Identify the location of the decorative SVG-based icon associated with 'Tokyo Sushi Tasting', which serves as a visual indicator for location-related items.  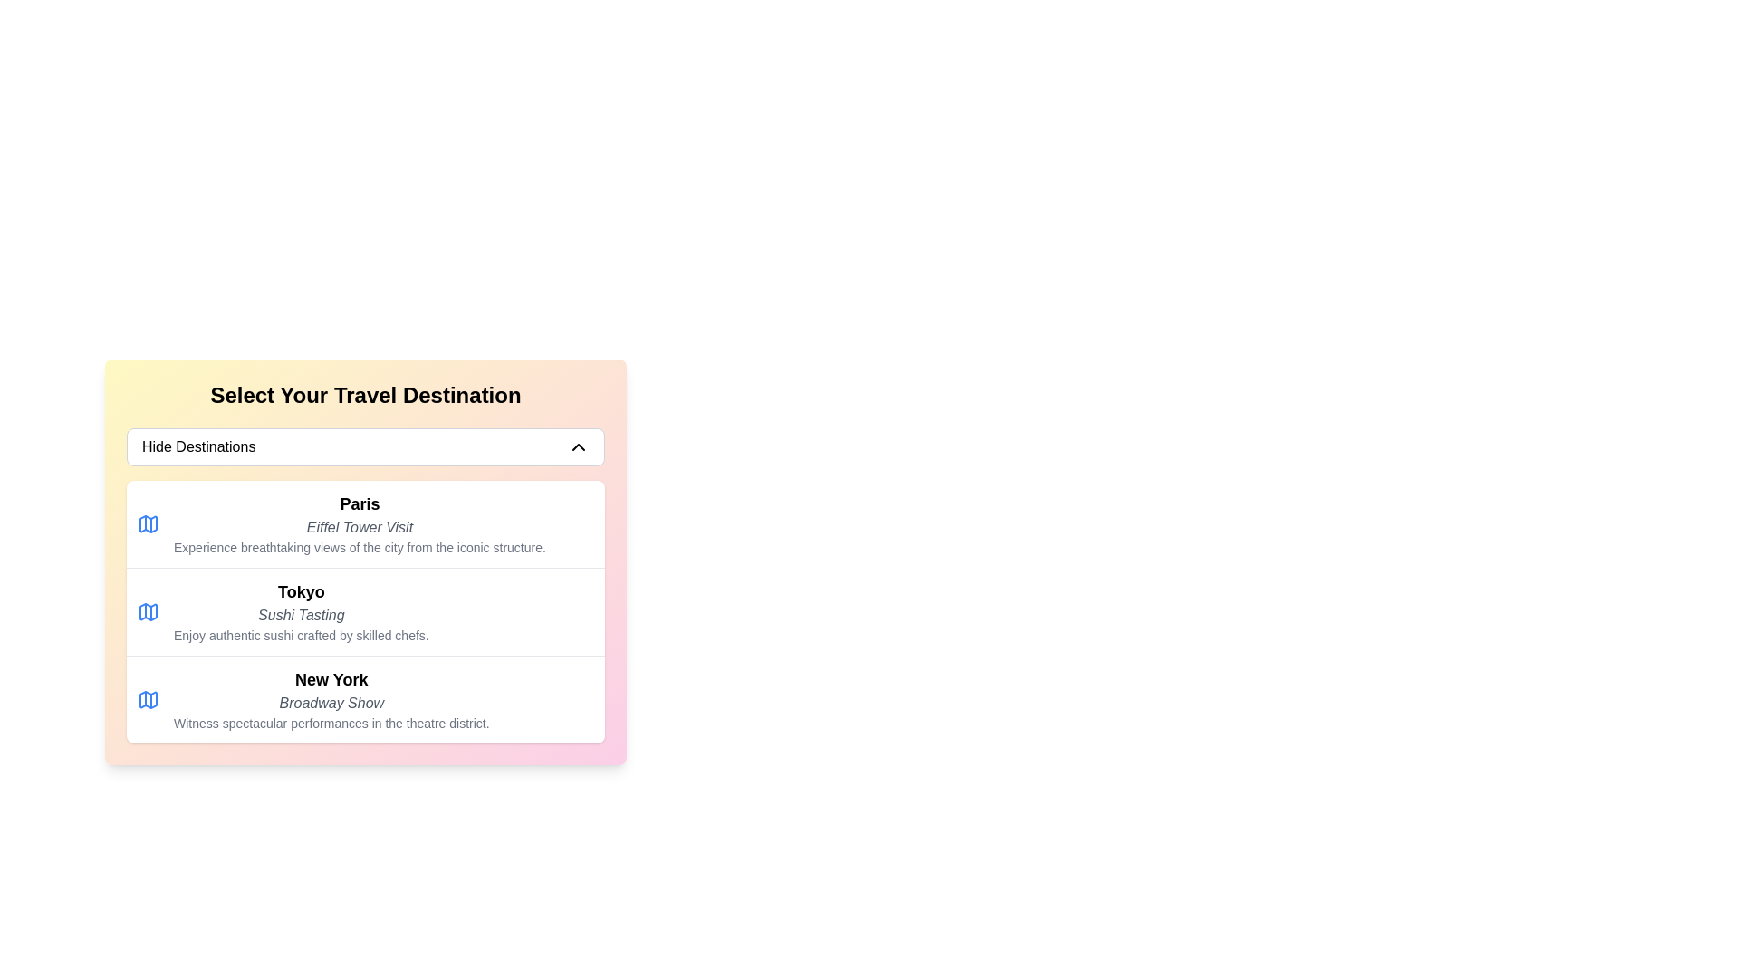
(148, 611).